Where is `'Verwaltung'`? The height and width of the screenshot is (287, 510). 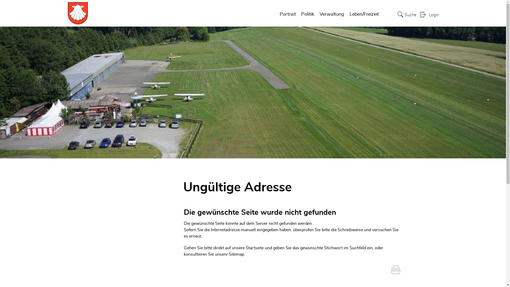
'Verwaltung' is located at coordinates (331, 14).